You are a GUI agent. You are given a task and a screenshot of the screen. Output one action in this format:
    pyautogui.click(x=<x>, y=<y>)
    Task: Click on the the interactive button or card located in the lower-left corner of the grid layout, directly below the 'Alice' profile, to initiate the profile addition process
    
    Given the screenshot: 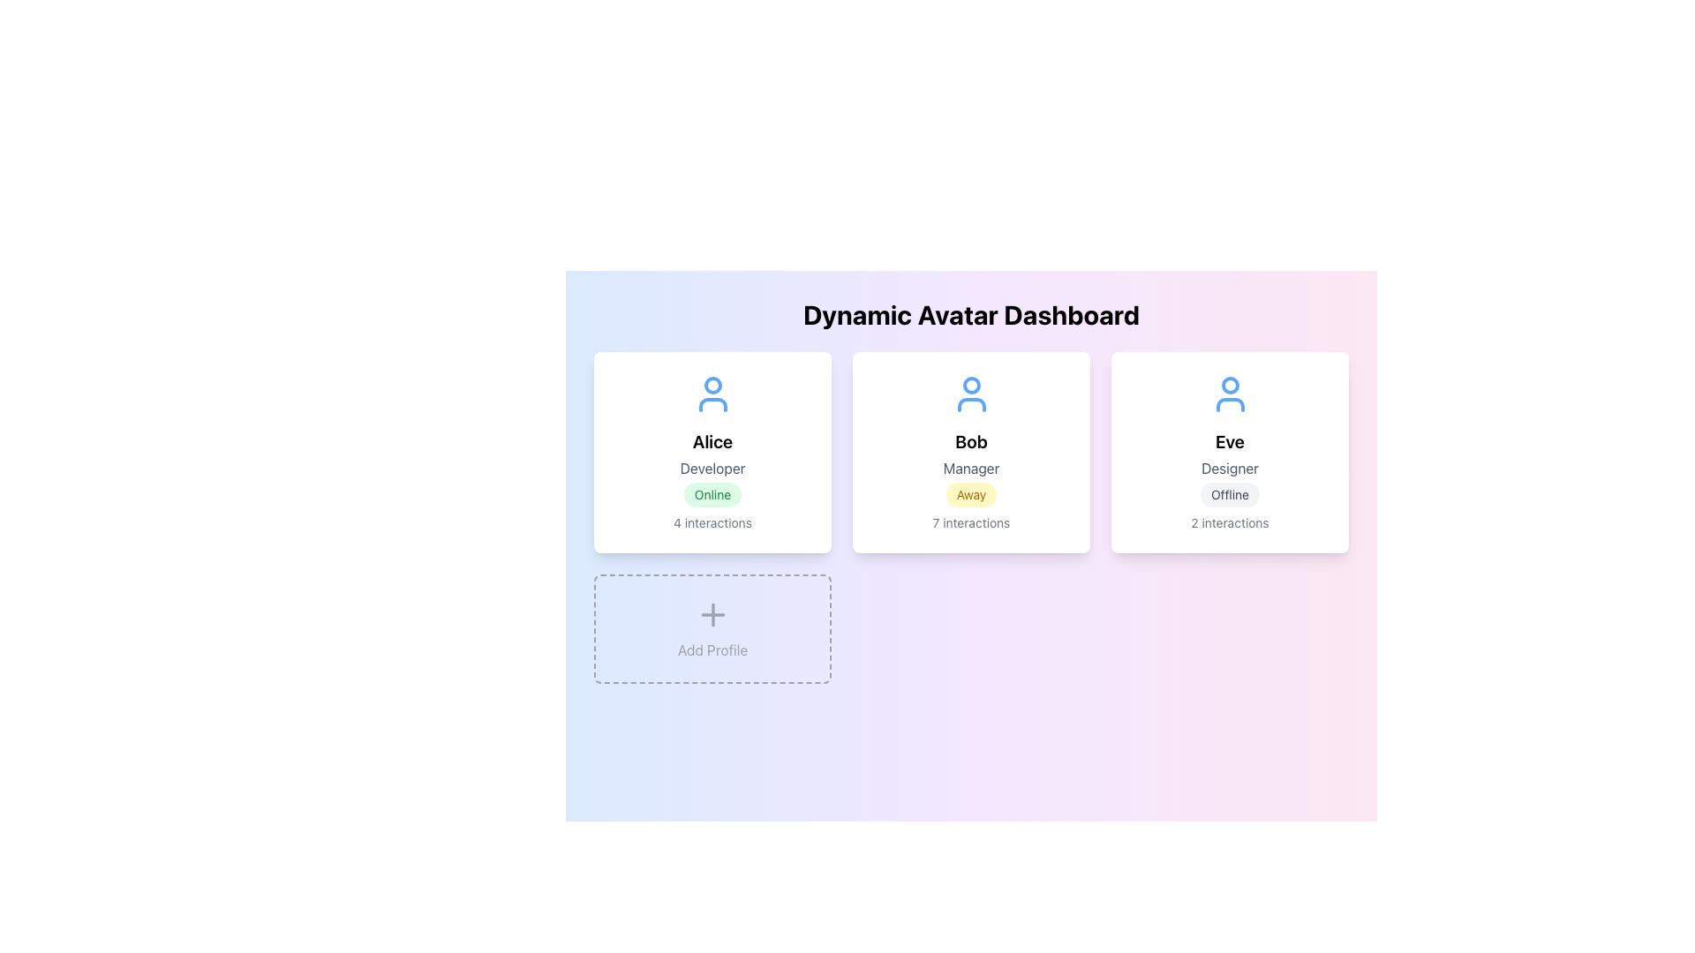 What is the action you would take?
    pyautogui.click(x=712, y=628)
    